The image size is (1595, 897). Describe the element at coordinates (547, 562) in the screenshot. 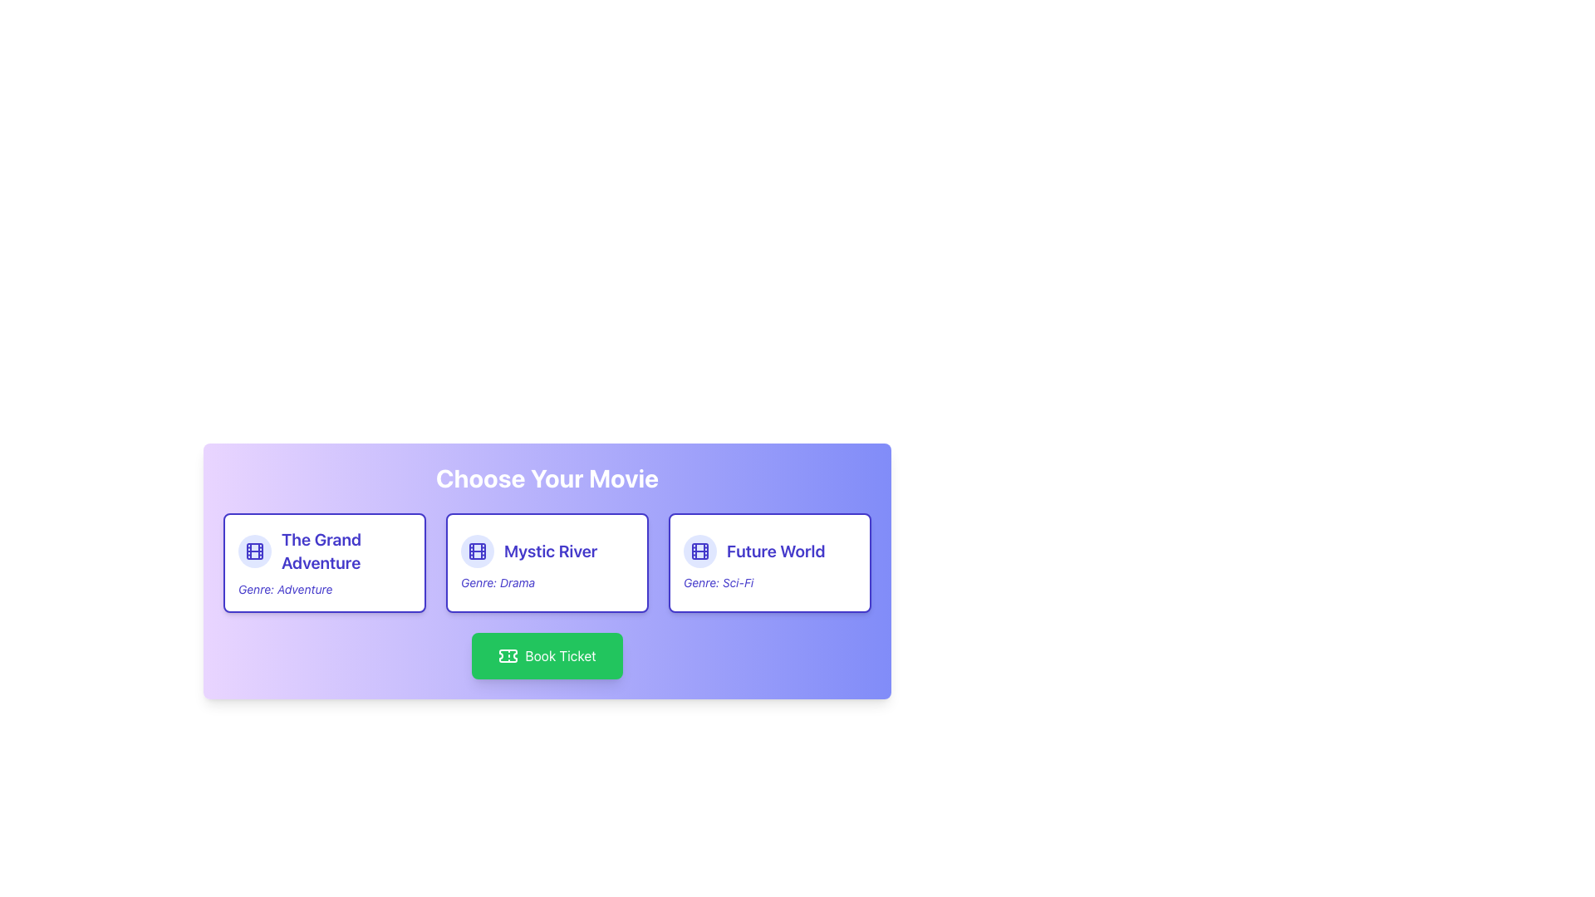

I see `the interactive button representing the movie selection card for 'Mystic River', which is the second card in a horizontal list positioned between 'The Grand Adventure' and 'Future World'` at that location.